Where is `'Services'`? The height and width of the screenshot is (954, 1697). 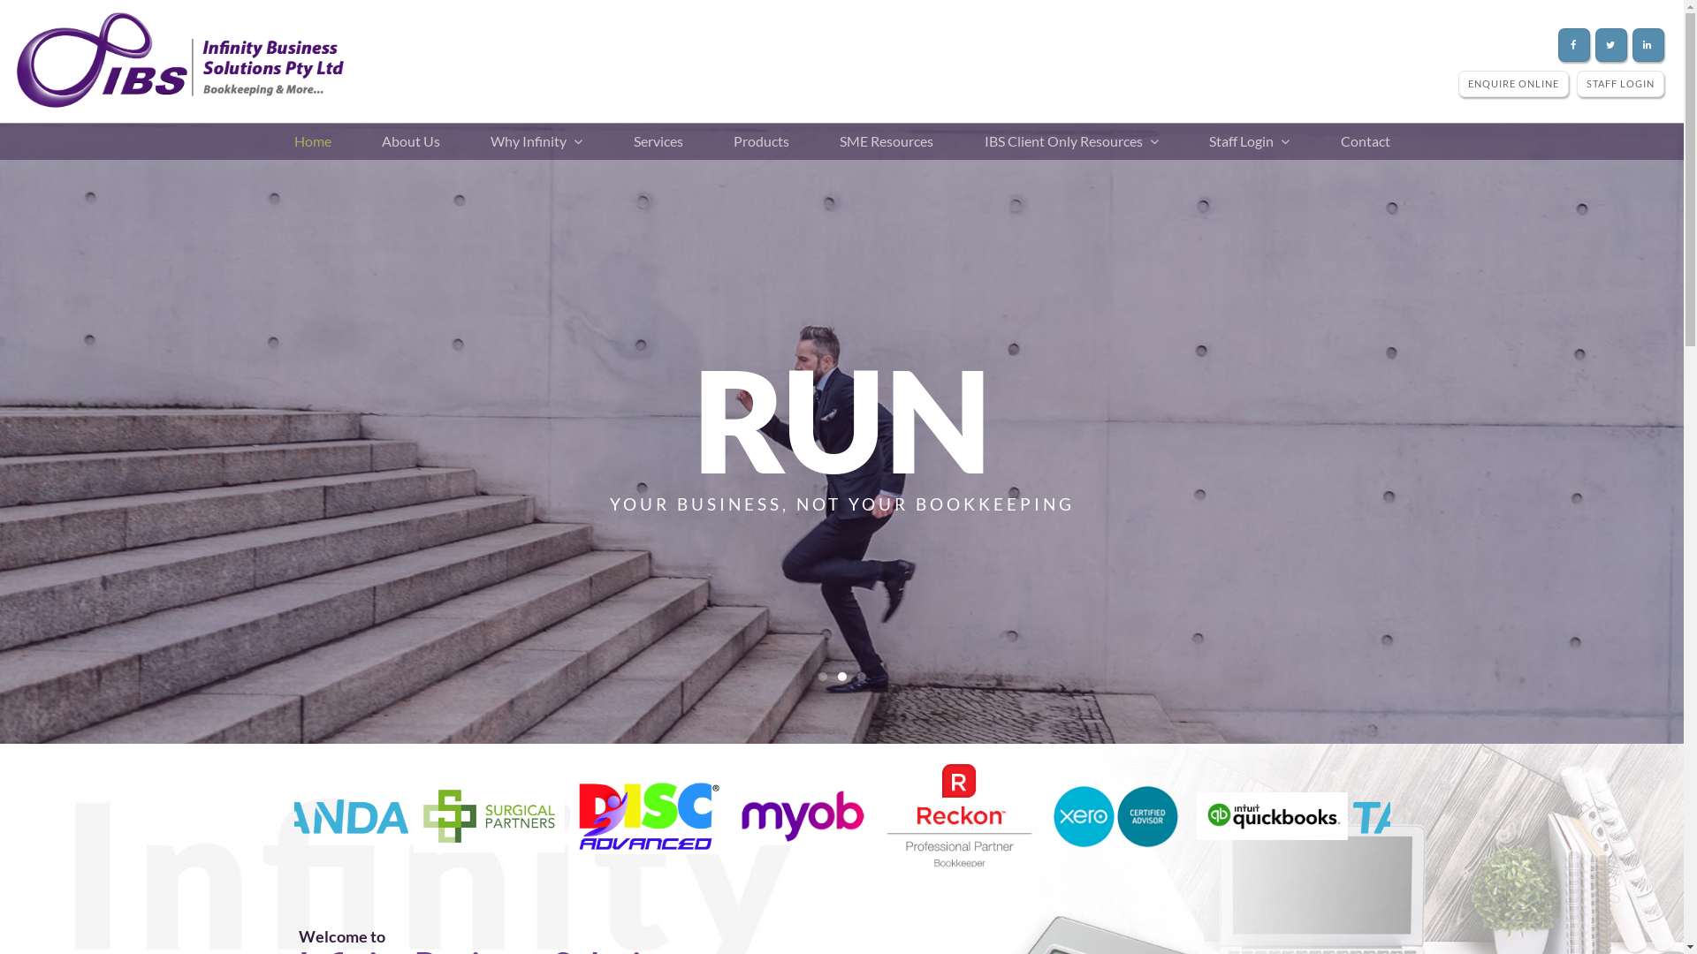
'Services' is located at coordinates (624, 140).